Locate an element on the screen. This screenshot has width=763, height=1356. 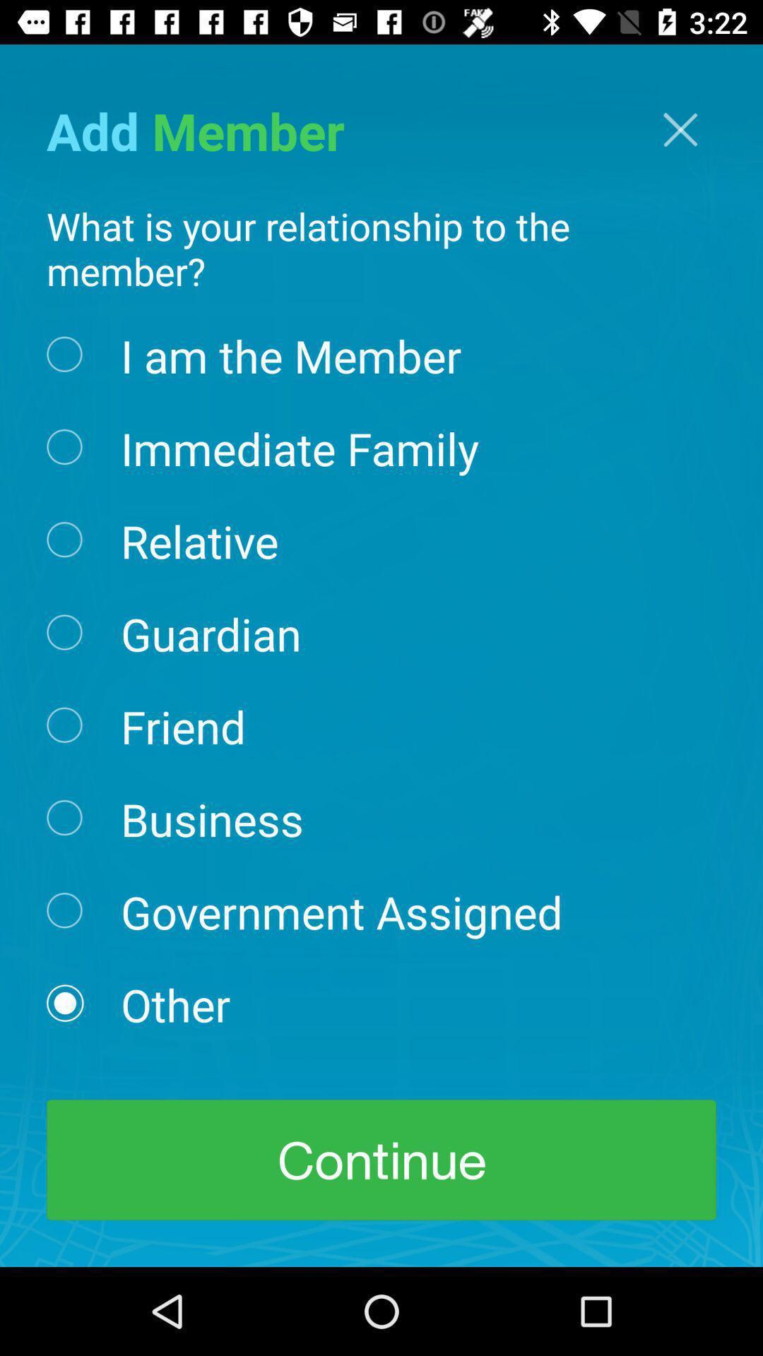
the icon below the immediate family is located at coordinates (199, 539).